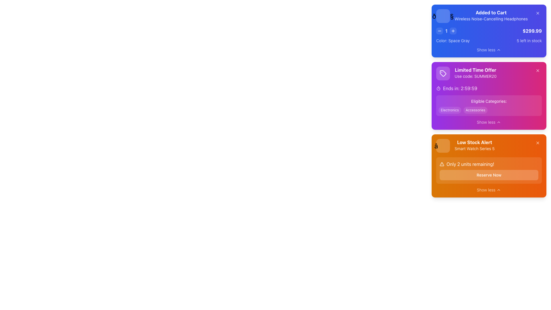 The image size is (551, 310). I want to click on the close icon button located in the top-right corner of the 'Added to Cart' card, so click(537, 13).